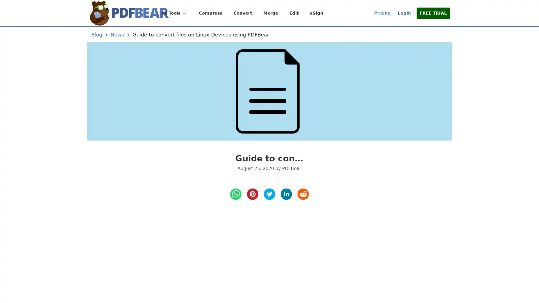  What do you see at coordinates (286, 194) in the screenshot?
I see `linkedin` at bounding box center [286, 194].